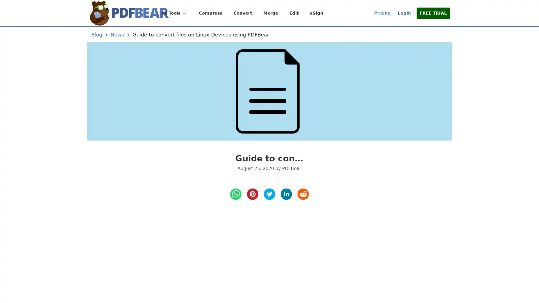  What do you see at coordinates (286, 194) in the screenshot?
I see `linkedin` at bounding box center [286, 194].